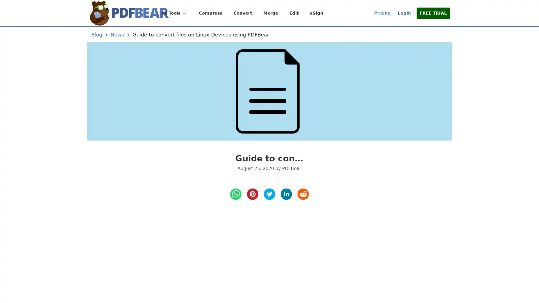  What do you see at coordinates (286, 194) in the screenshot?
I see `linkedin` at bounding box center [286, 194].